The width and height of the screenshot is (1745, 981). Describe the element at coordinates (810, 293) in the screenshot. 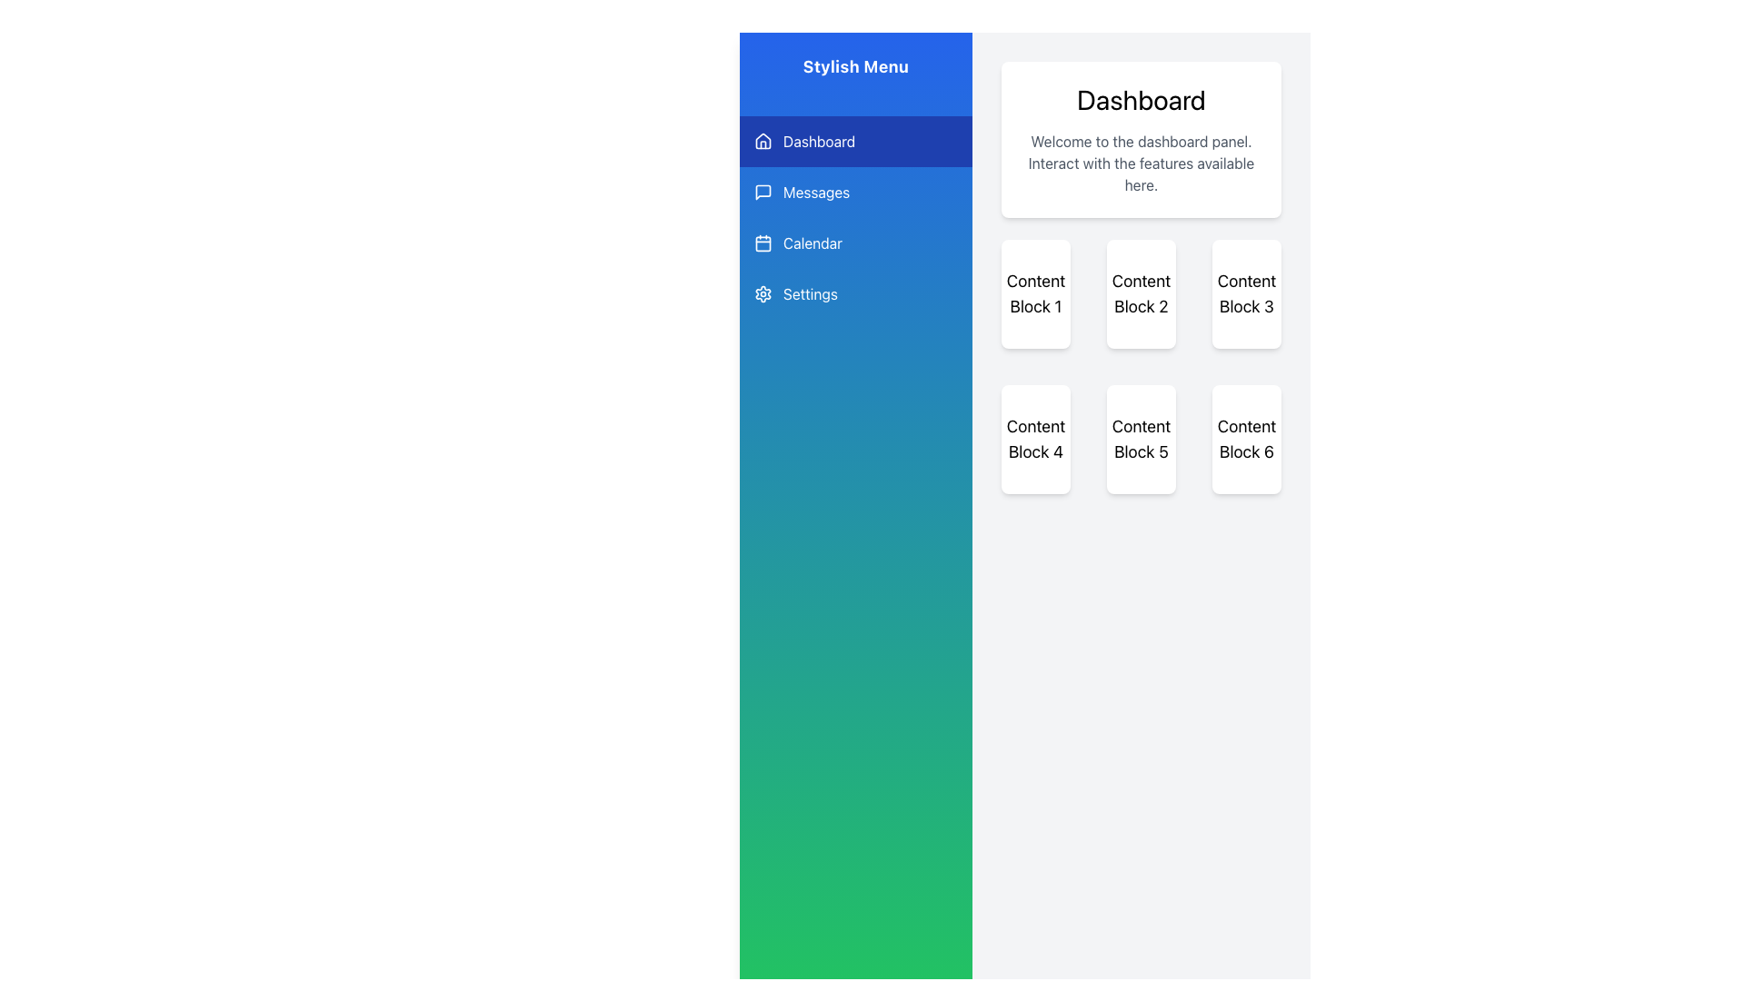

I see `the navigational text label that links to the settings page, which is the fourth entry in the left-side menu aligned with a gear icon` at that location.